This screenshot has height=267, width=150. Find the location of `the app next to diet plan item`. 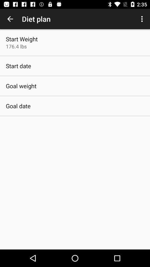

the app next to diet plan item is located at coordinates (10, 19).